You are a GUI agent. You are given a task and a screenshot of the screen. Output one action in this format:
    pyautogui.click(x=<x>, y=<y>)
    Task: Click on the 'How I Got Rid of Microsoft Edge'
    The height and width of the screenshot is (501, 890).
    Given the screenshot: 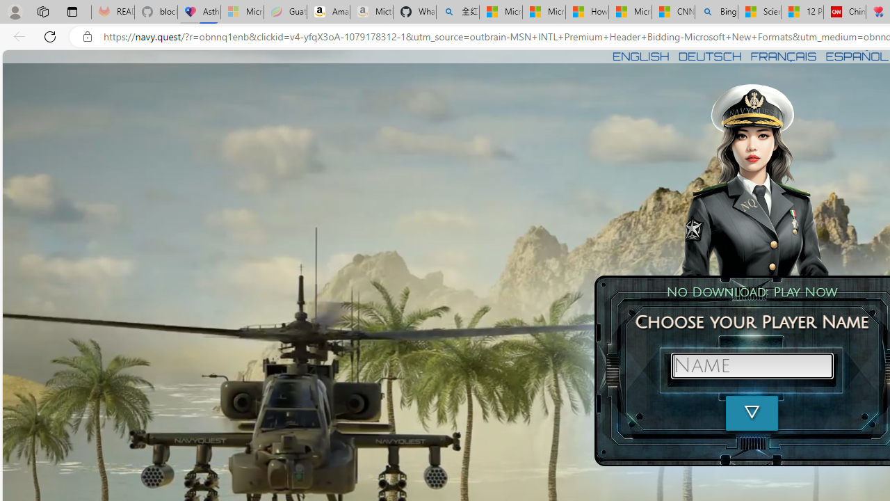 What is the action you would take?
    pyautogui.click(x=587, y=12)
    